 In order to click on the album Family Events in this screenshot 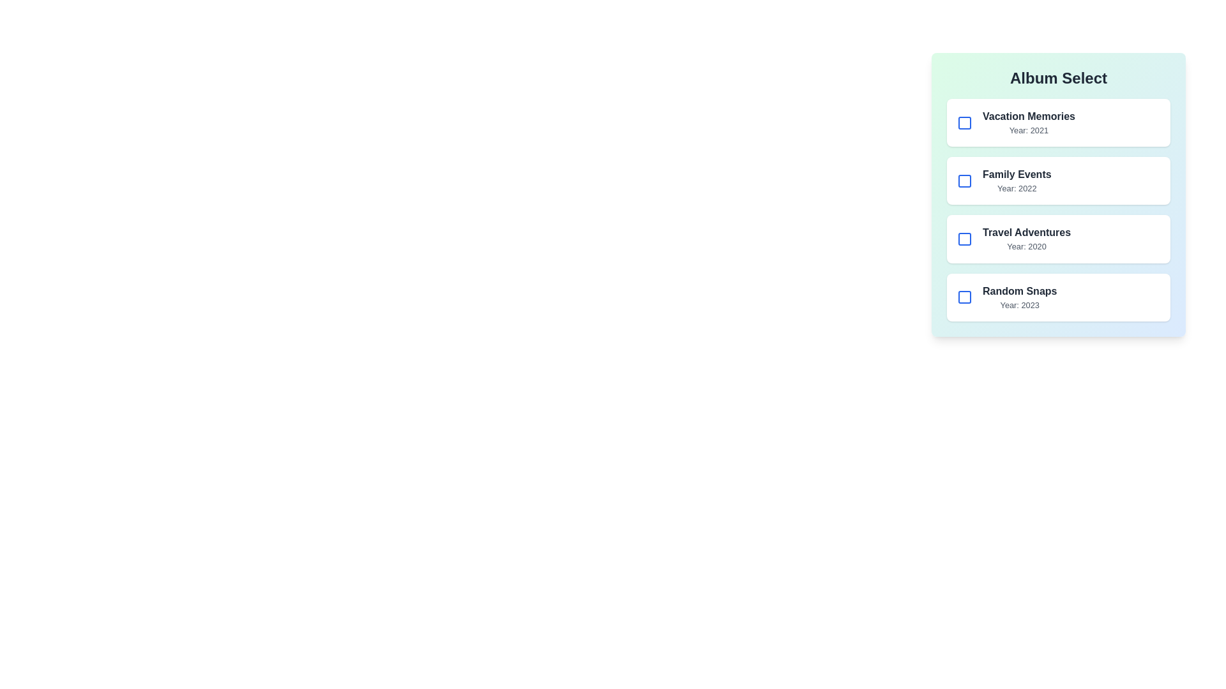, I will do `click(965, 181)`.